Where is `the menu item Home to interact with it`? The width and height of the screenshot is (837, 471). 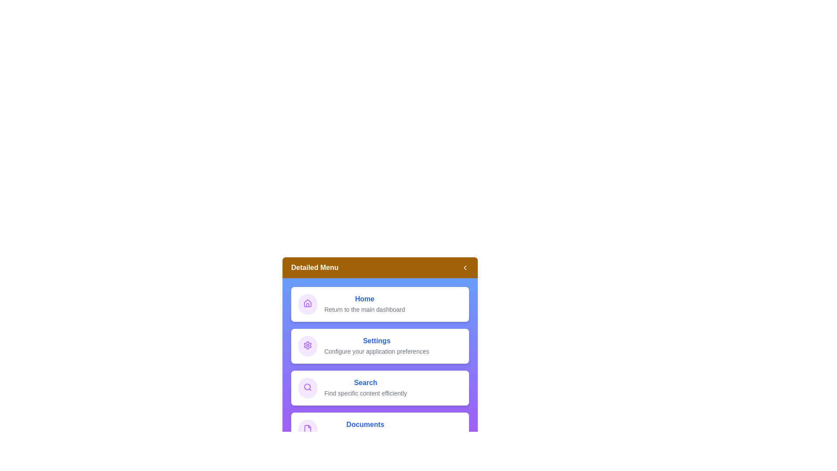
the menu item Home to interact with it is located at coordinates (380, 304).